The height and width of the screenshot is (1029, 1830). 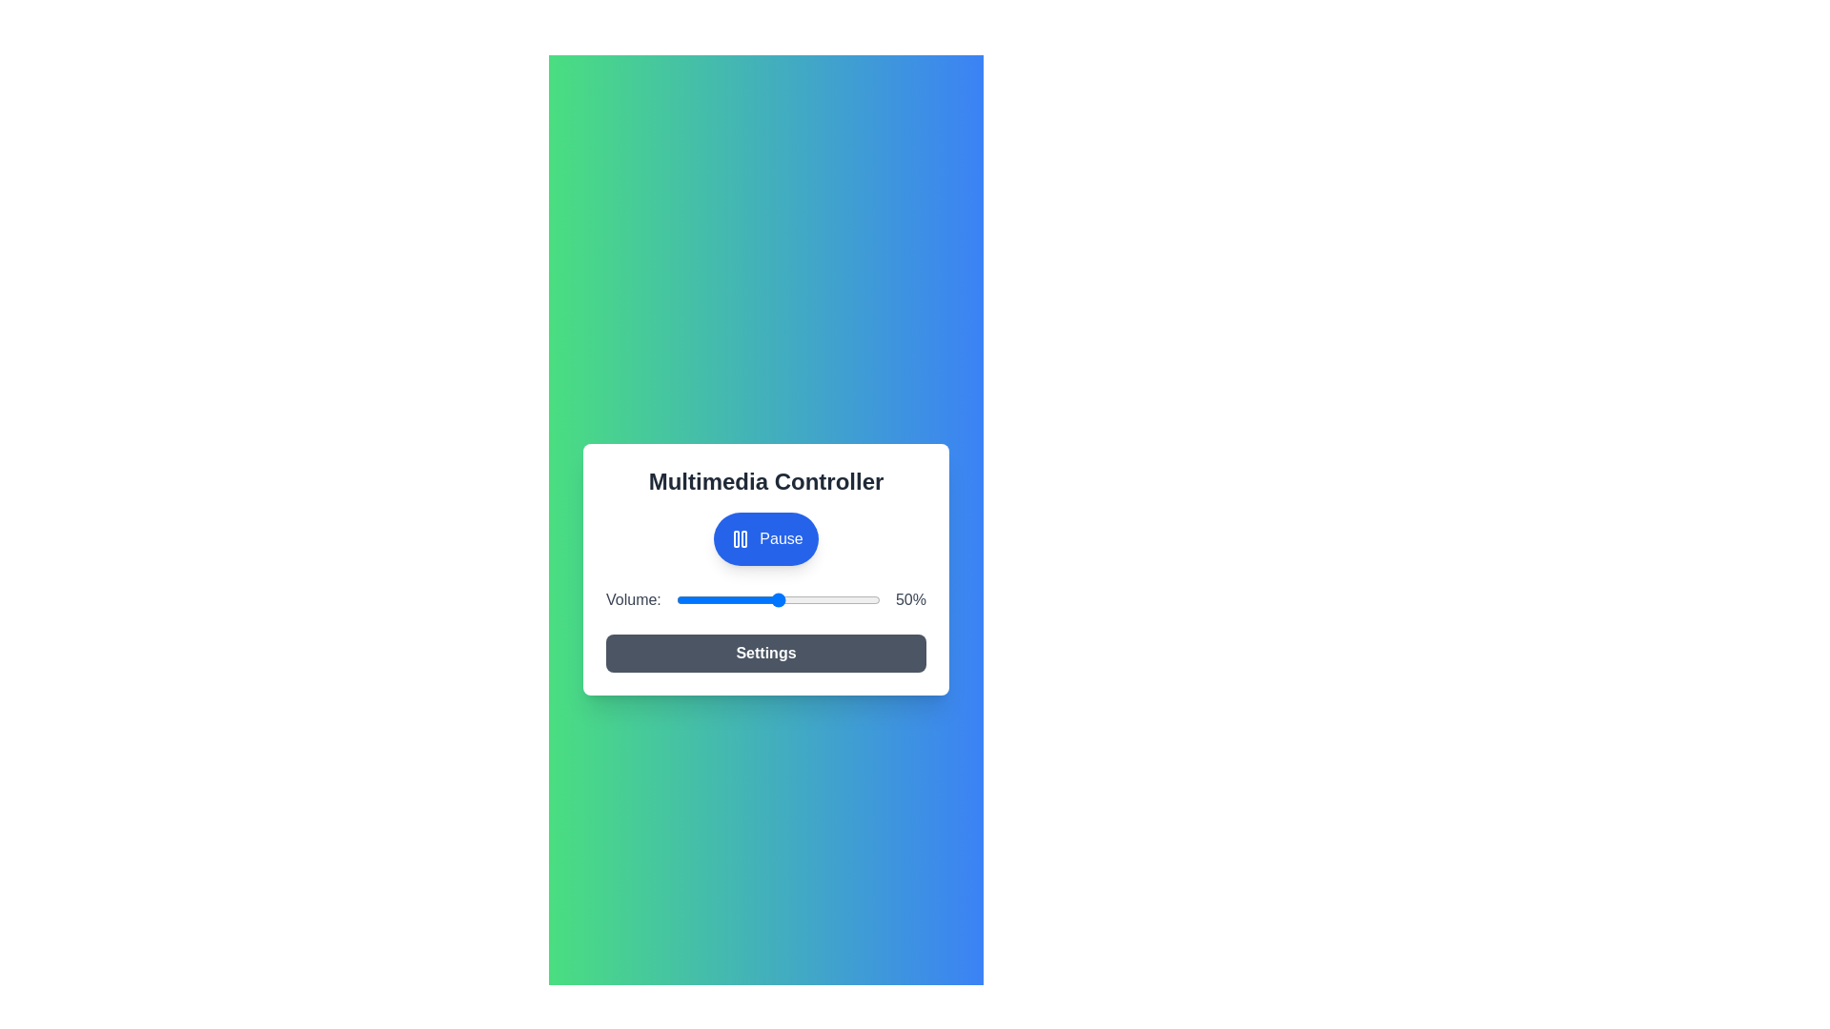 What do you see at coordinates (772, 598) in the screenshot?
I see `the volume` at bounding box center [772, 598].